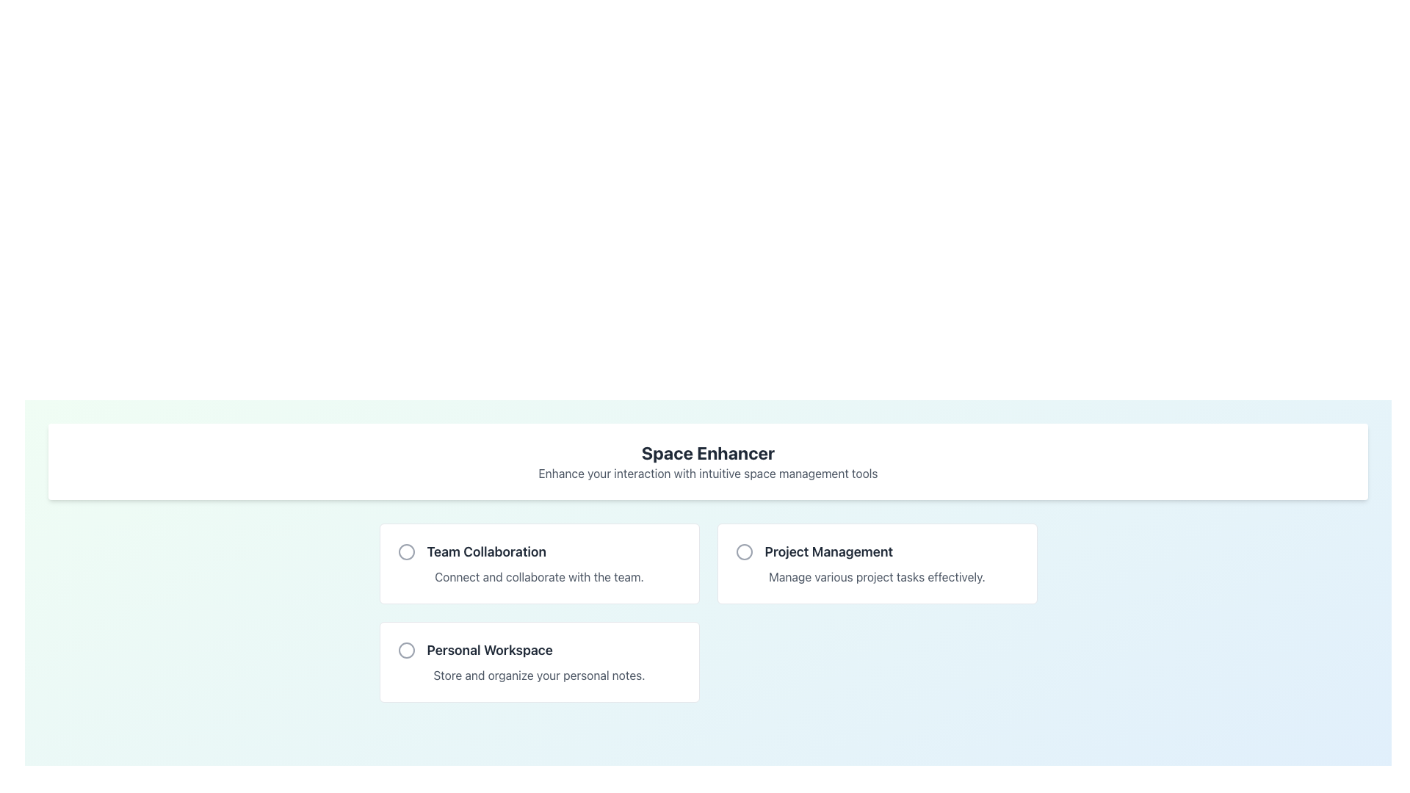 The width and height of the screenshot is (1410, 793). I want to click on descriptive information provided by the Text Label located directly below the title 'Project Management' within its selection card, so click(877, 576).